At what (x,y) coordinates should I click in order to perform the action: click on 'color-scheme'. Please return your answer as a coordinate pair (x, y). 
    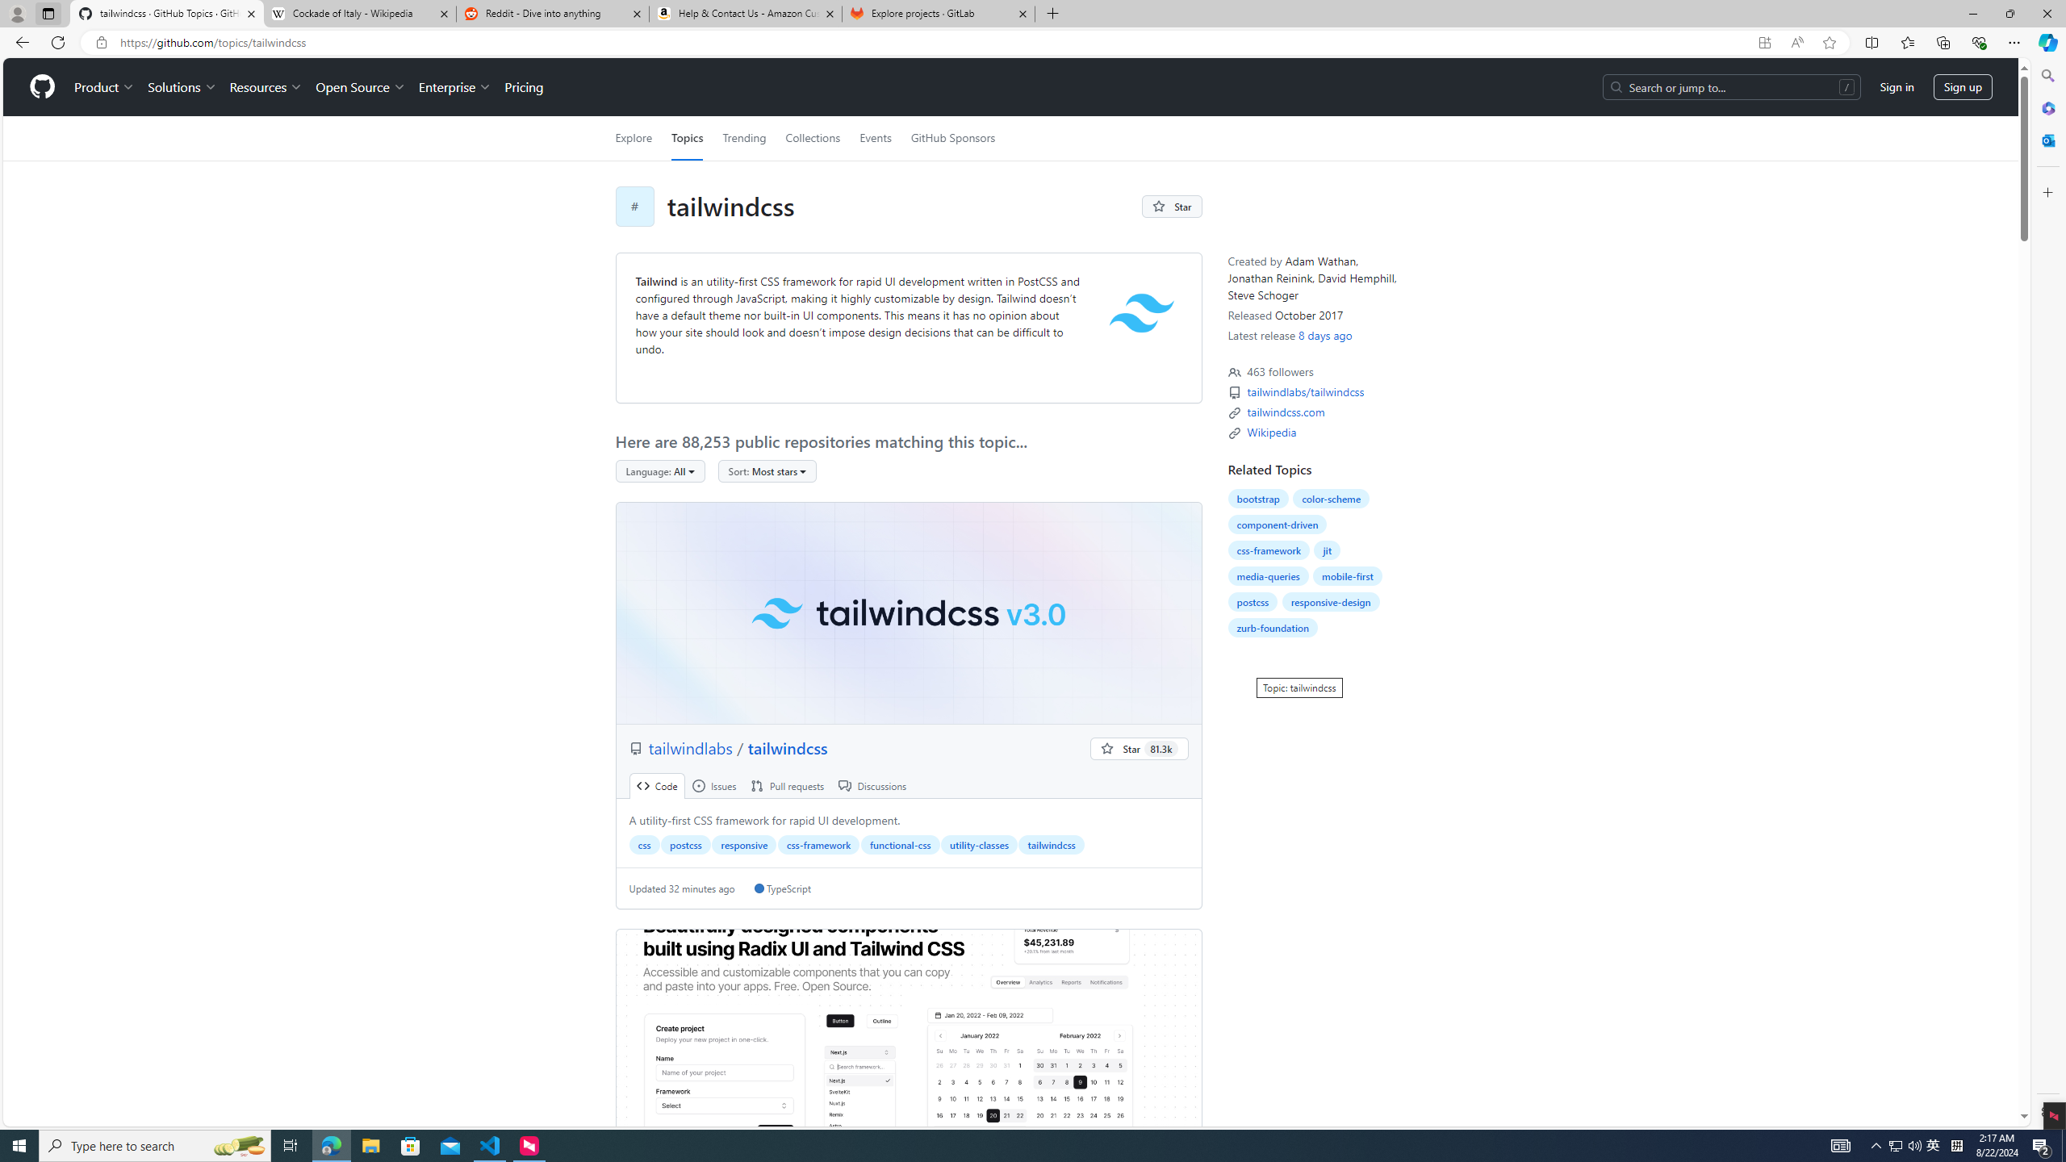
    Looking at the image, I should click on (1330, 498).